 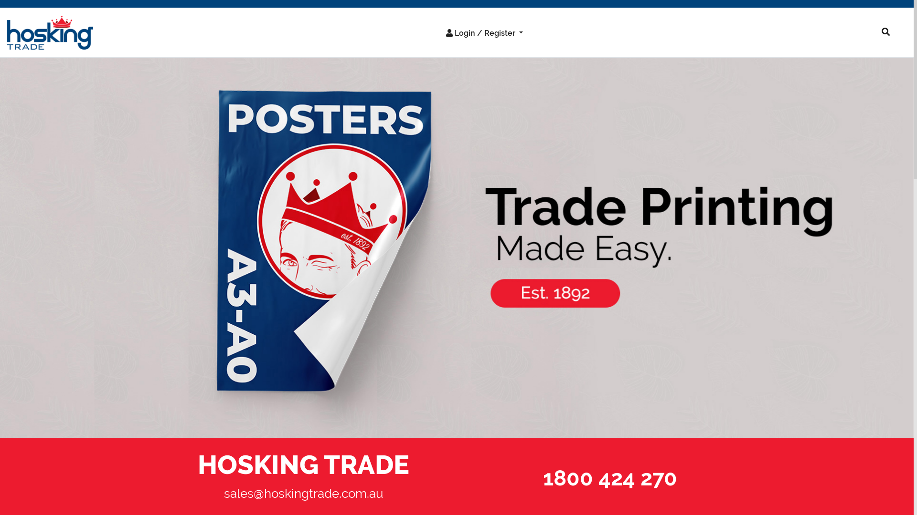 I want to click on 'Hosking Trade', so click(x=0, y=247).